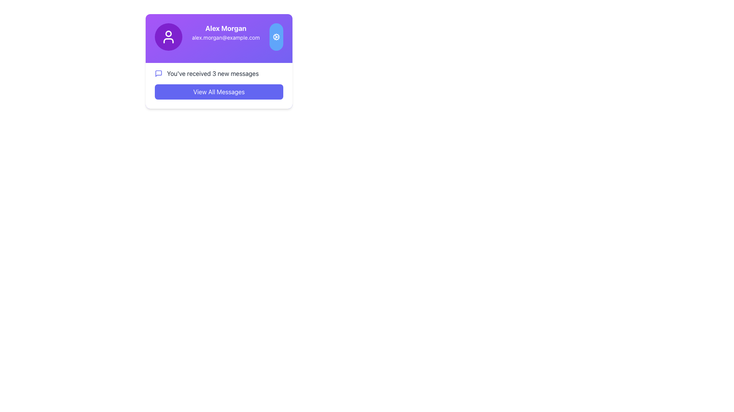 The height and width of the screenshot is (412, 734). What do you see at coordinates (218, 85) in the screenshot?
I see `the button in the Notification Section, which is styled with an indigo background and white text, located at the bottom of a purple card layout` at bounding box center [218, 85].